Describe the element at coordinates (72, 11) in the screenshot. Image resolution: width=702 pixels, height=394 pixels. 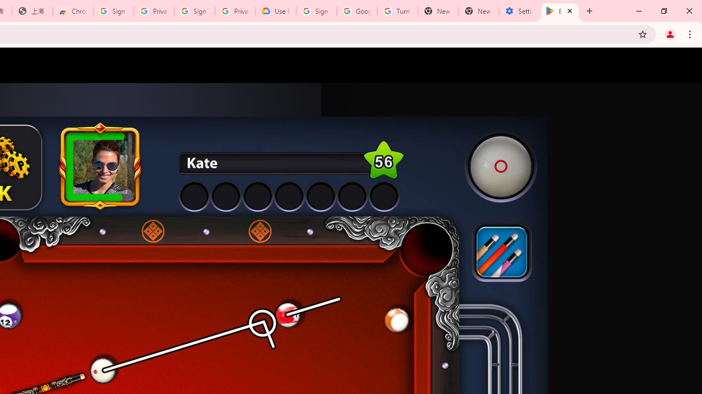
I see `'Chrome Web Store - Color themes by Chrome'` at that location.